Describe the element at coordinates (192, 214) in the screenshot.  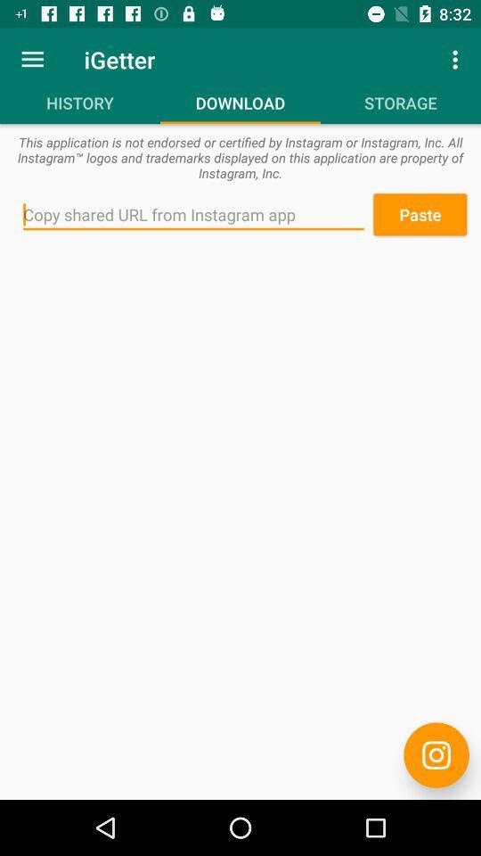
I see `insert url field` at that location.